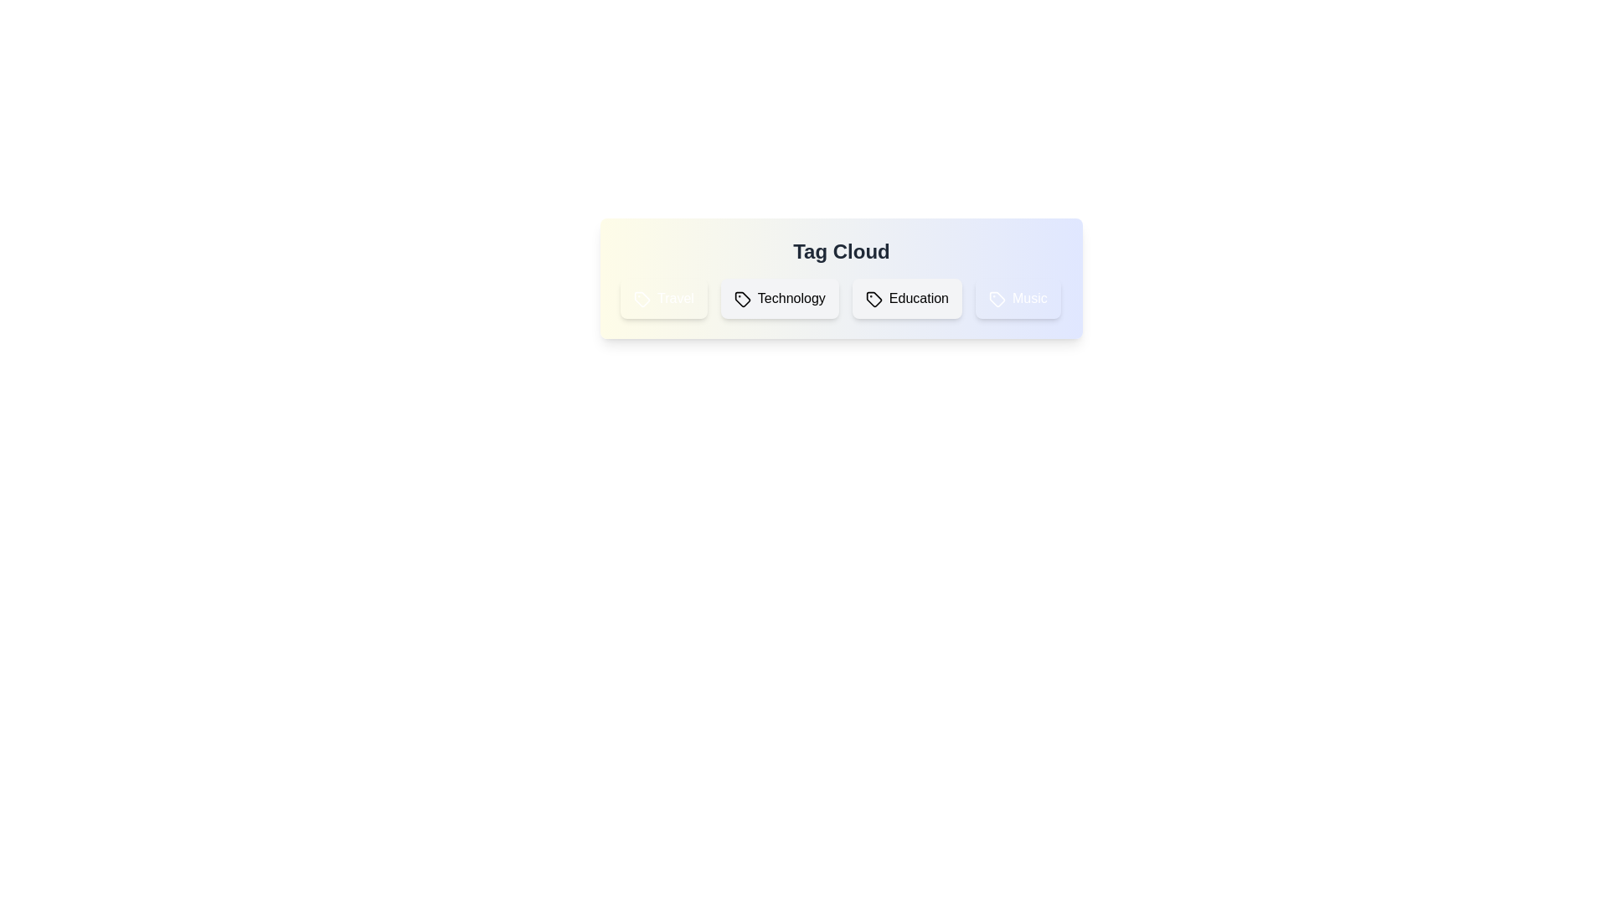 This screenshot has height=904, width=1608. Describe the element at coordinates (906, 298) in the screenshot. I see `the tag Education` at that location.